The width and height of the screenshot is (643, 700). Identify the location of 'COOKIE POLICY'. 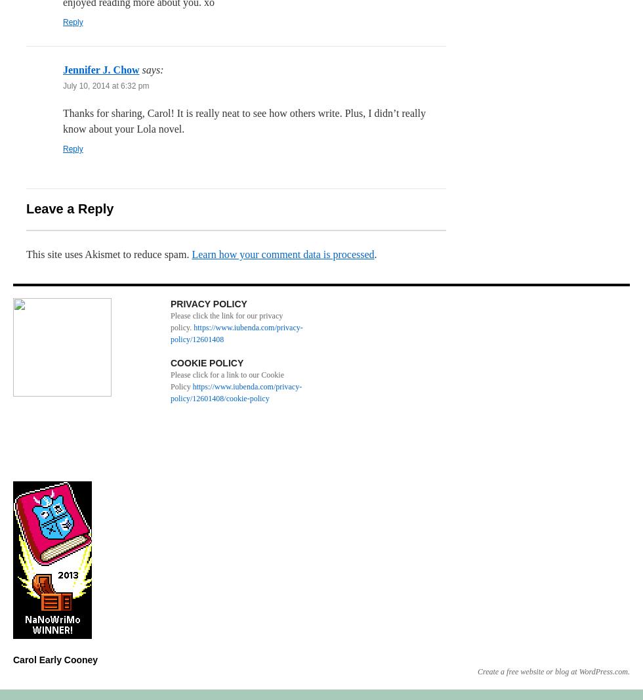
(207, 361).